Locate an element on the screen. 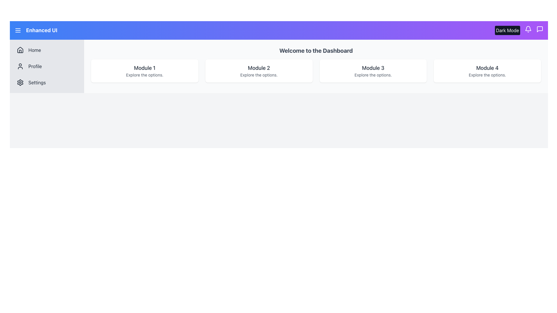  the profile button located in the left sidebar, which is the second item in the vertical menu between 'Home' and 'Settings' is located at coordinates (47, 66).